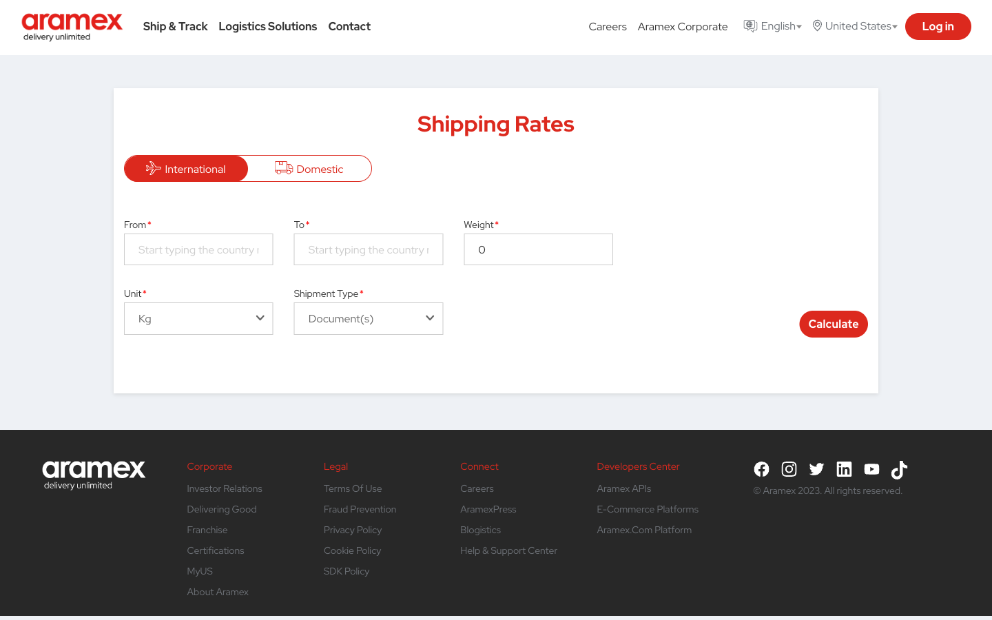  I want to click on Compute the shipping rates for sending a document from United States to India using a script, so click(198, 249).